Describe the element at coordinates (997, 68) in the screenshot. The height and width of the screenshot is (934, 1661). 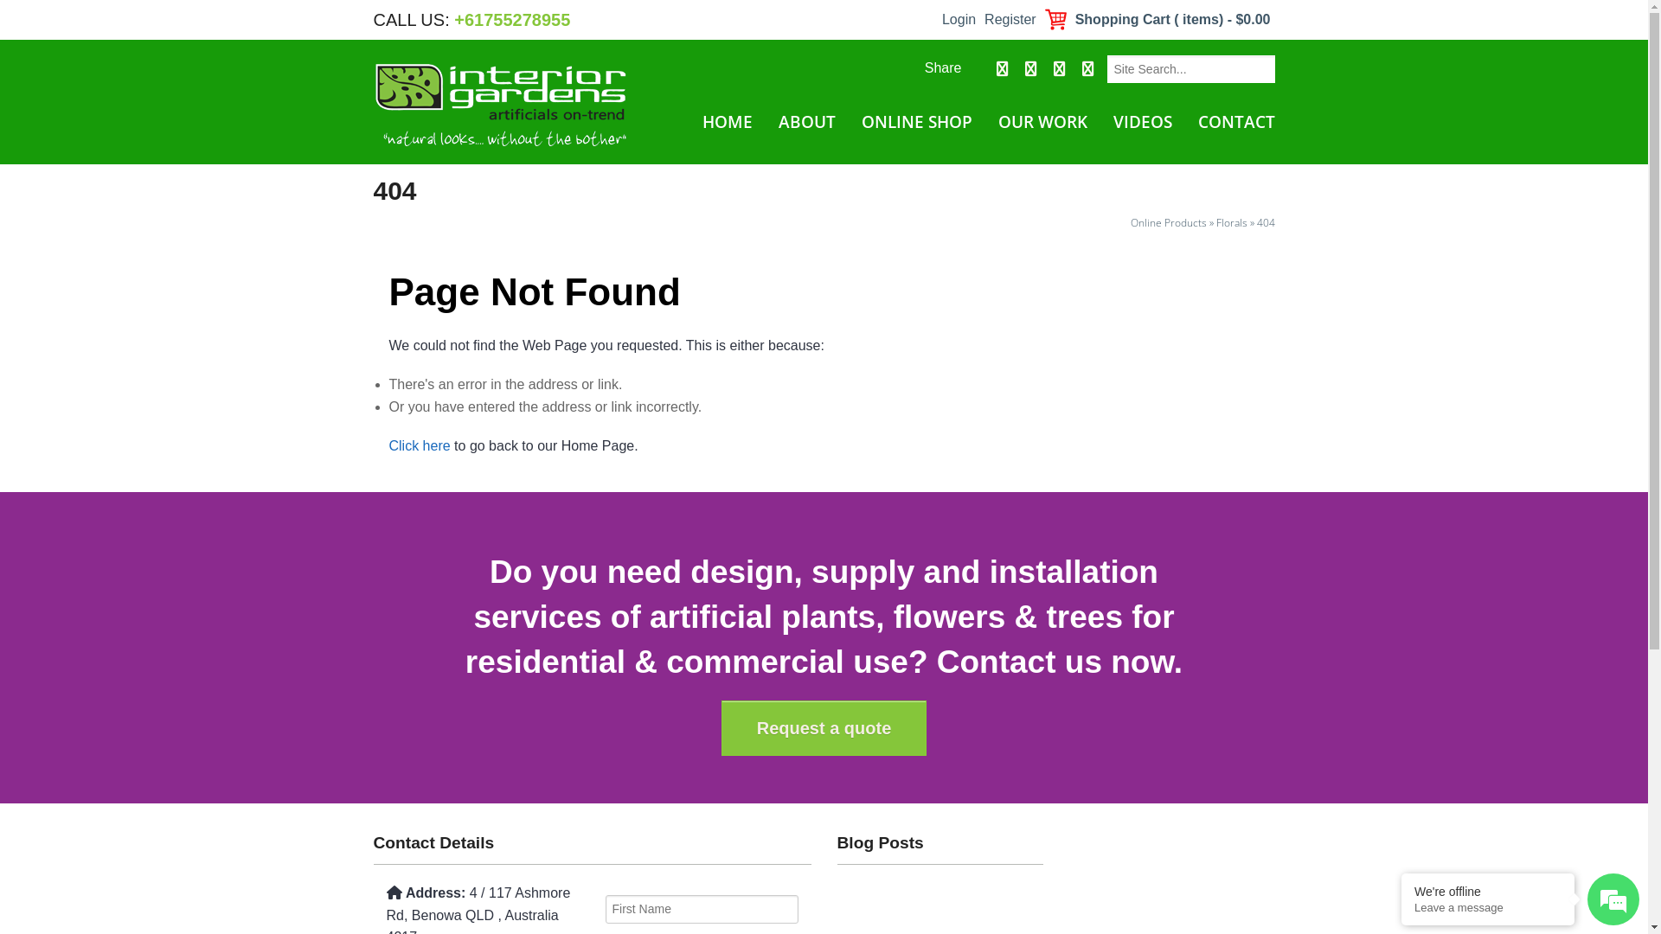
I see `'facebook'` at that location.